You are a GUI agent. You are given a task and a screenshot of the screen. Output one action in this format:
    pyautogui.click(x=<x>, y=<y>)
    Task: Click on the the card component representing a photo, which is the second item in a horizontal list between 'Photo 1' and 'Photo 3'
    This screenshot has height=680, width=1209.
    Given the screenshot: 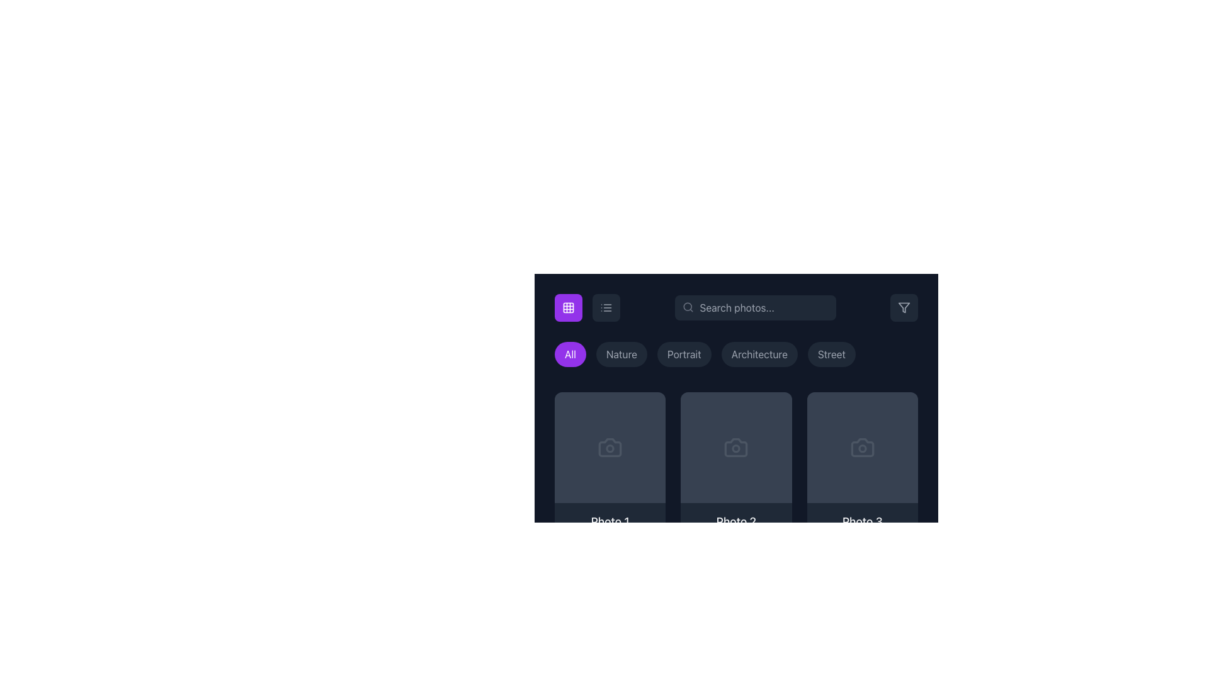 What is the action you would take?
    pyautogui.click(x=736, y=538)
    